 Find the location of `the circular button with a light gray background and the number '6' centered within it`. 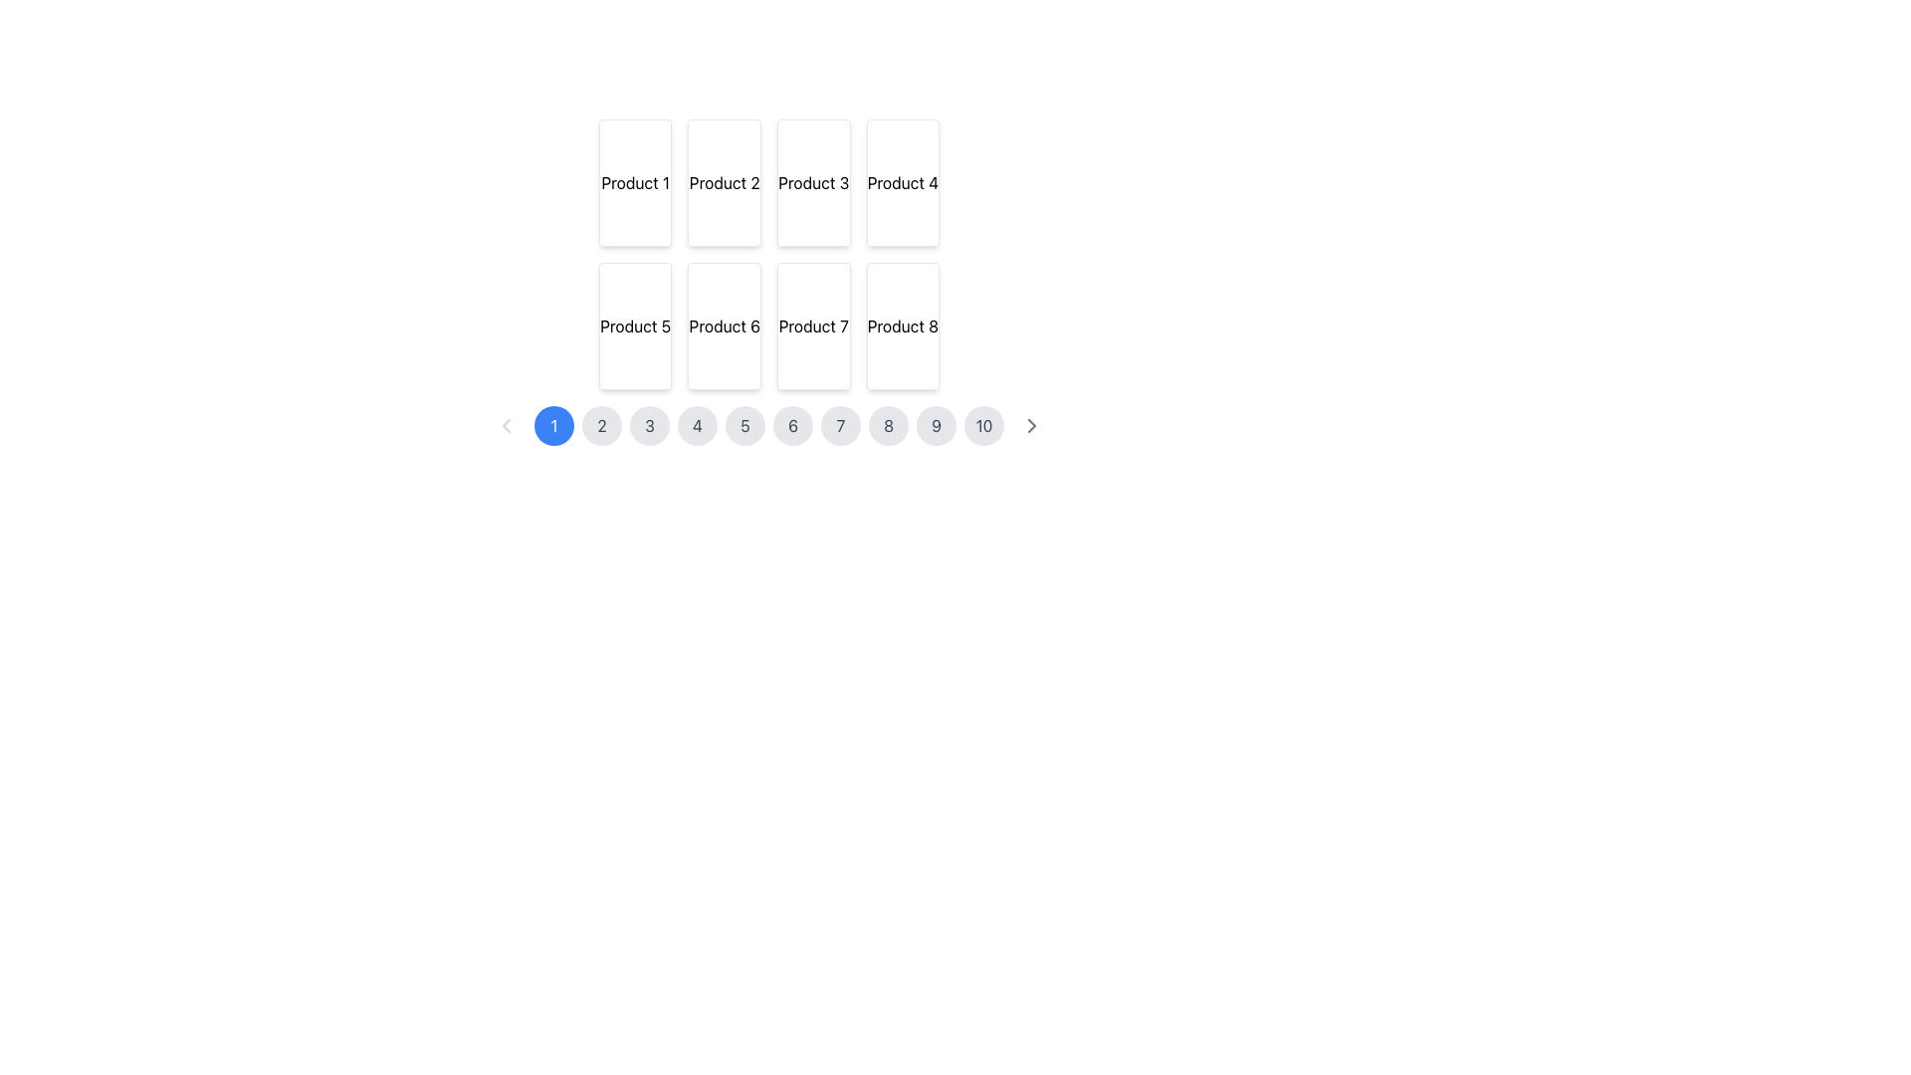

the circular button with a light gray background and the number '6' centered within it is located at coordinates (791, 425).